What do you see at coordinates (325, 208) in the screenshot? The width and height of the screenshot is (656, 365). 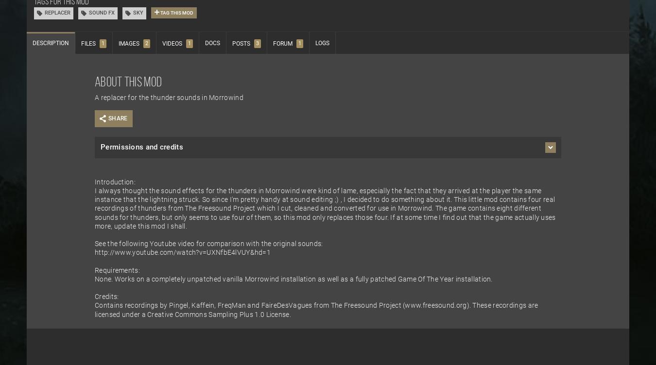 I see `'I always thought the sound effects for the thunders in Morrowind were kind of lame, especially the fact that they arrived at the player the same instance that the lightning struck. So since I'm pretty handy at sound editing ;) , I decided to do something about it. This little mod contains four real recordings of thunders from The Freesound Project which I cut, cleaned and converted for use in Morrowind. The game contains eight different sounds for thunders, but only seems to use four of them, so this mod only replaces those four. If at some time I find out that the game actually uses more, update this mod I shall.'` at bounding box center [325, 208].